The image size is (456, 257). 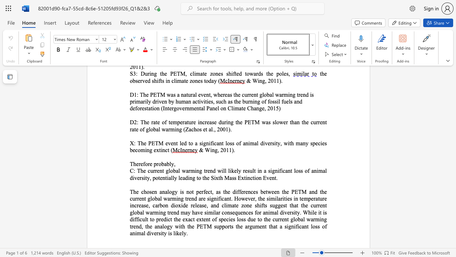 I want to click on the 3th character "n" in the text, so click(x=211, y=171).